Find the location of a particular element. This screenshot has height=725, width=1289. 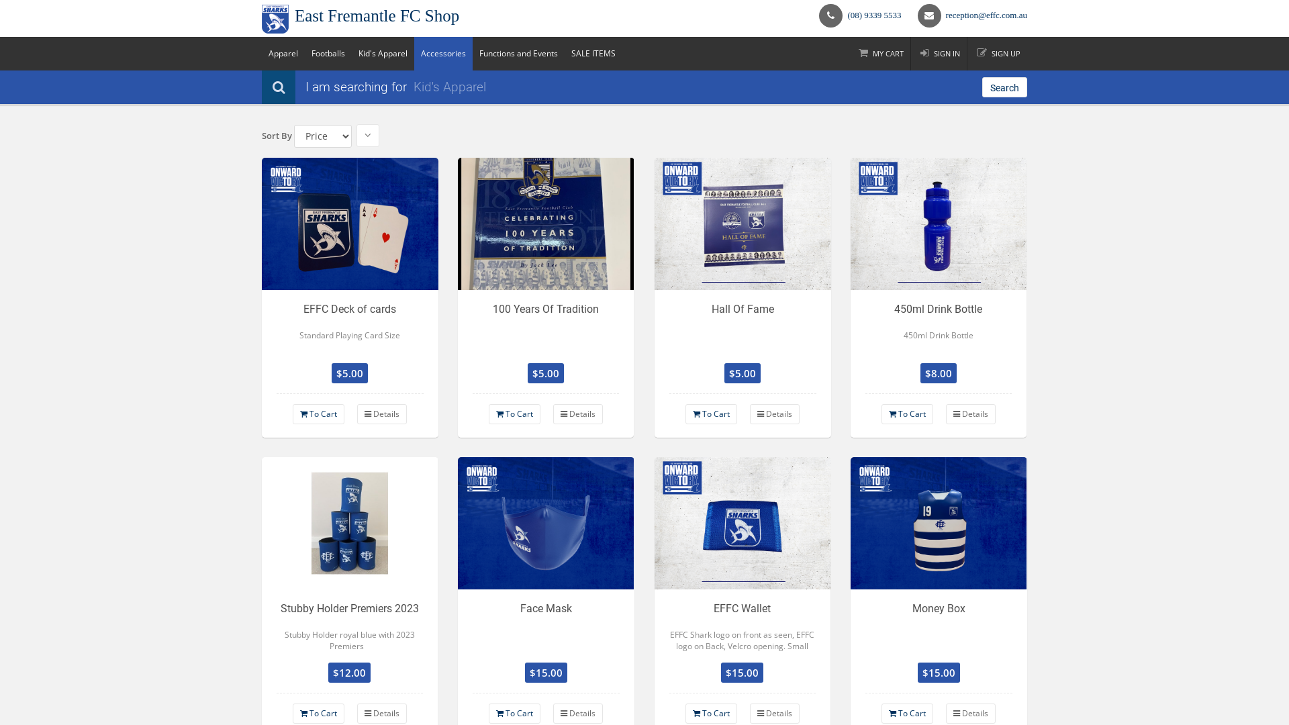

'SALE ITEMS' is located at coordinates (592, 53).